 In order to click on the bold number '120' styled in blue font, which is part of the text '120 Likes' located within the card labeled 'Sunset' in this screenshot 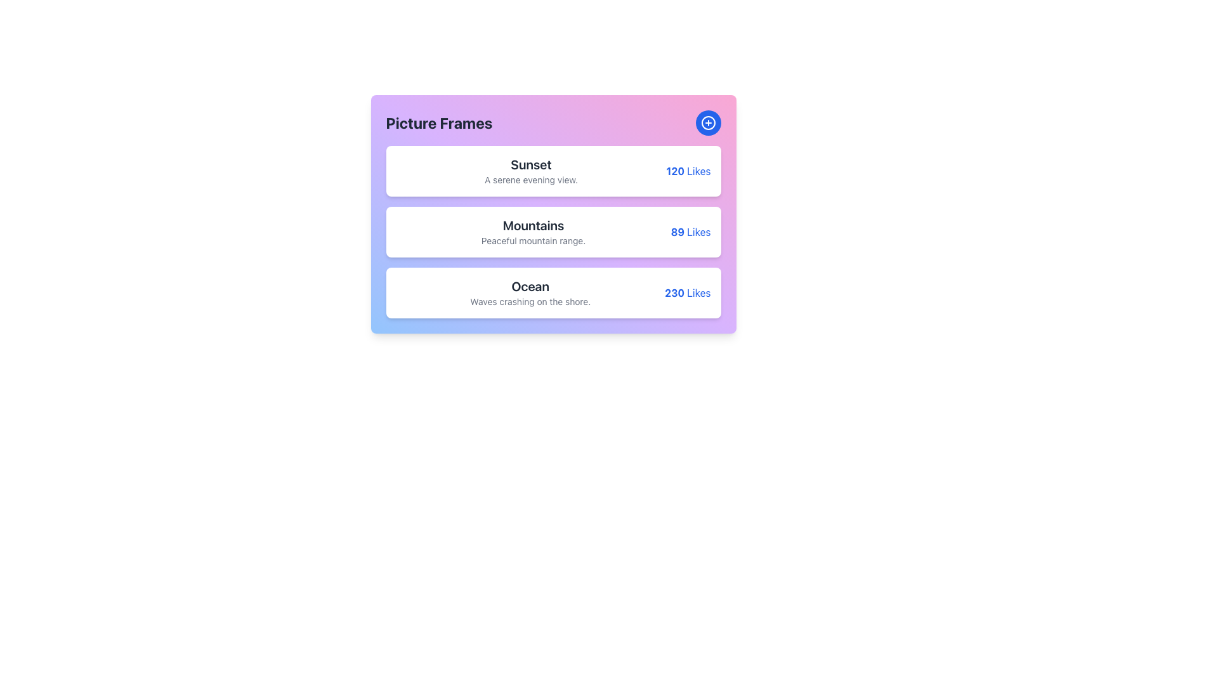, I will do `click(674, 171)`.